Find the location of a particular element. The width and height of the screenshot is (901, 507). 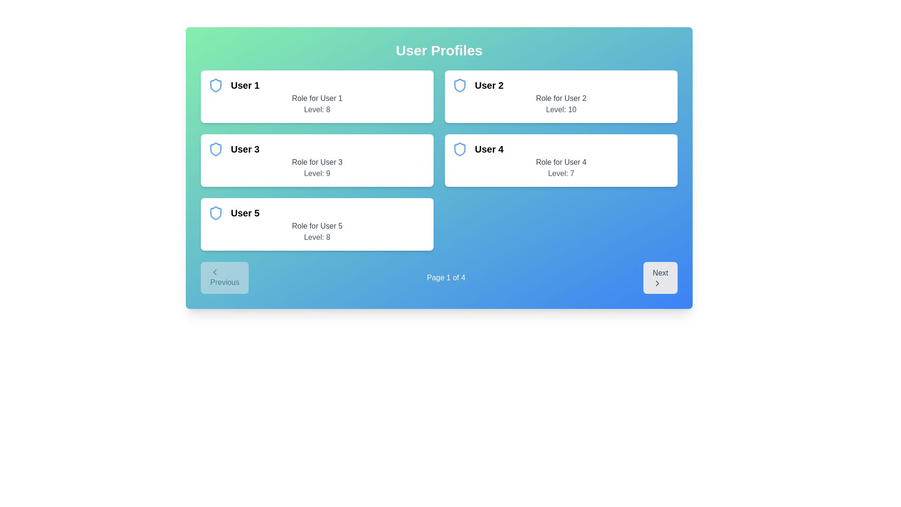

the 'Previous' button, which contains a left-facing chevron icon is located at coordinates (214, 272).